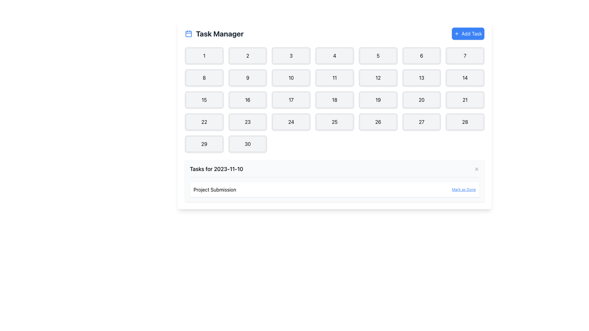 This screenshot has height=331, width=589. What do you see at coordinates (248, 100) in the screenshot?
I see `the date selection button located in the third row and second column of the calendar grid` at bounding box center [248, 100].